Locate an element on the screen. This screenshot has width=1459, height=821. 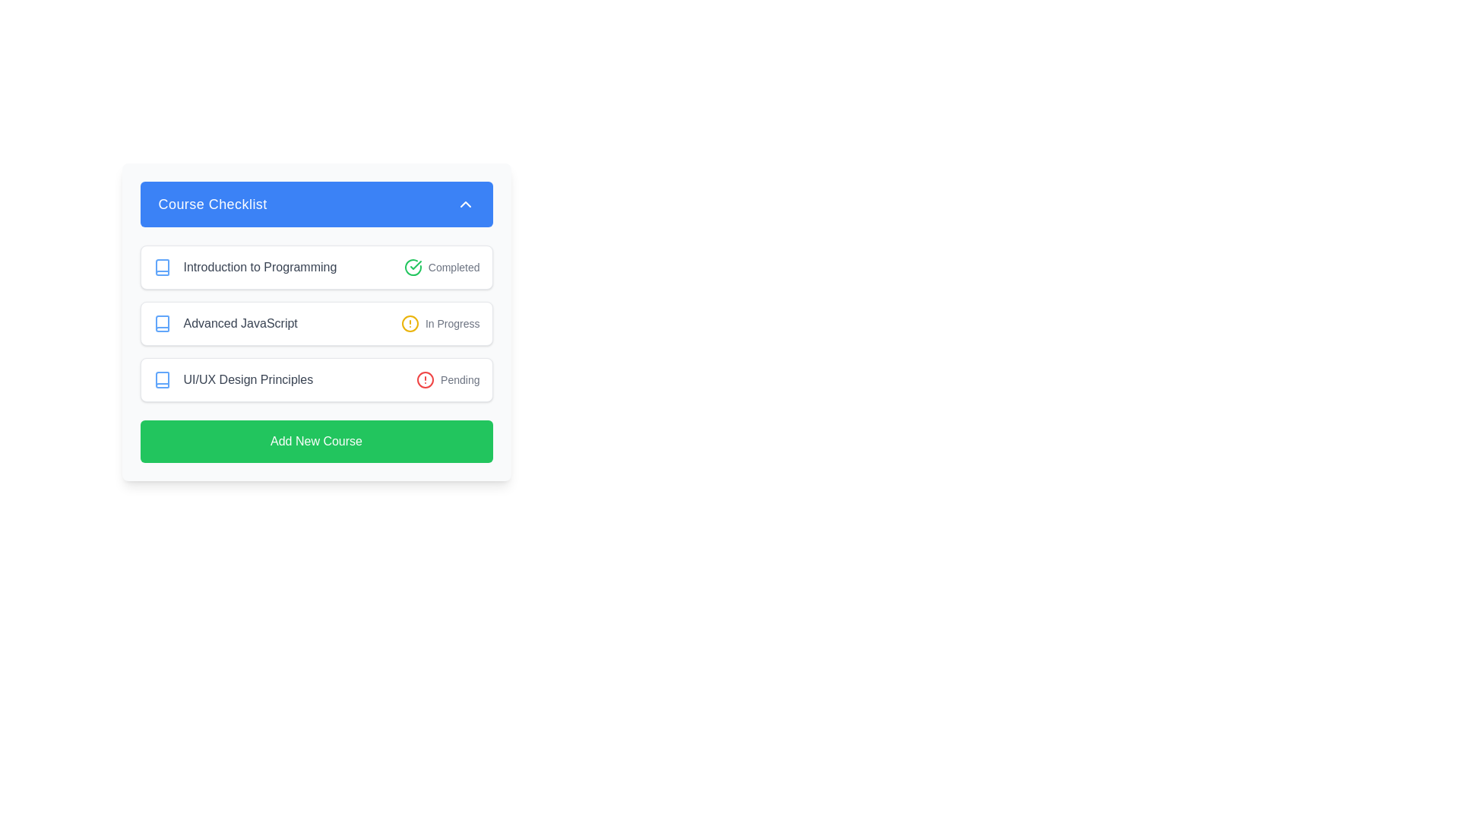
the text label displaying 'UI/UX Design Principles' in the course checklist interface is located at coordinates (248, 379).